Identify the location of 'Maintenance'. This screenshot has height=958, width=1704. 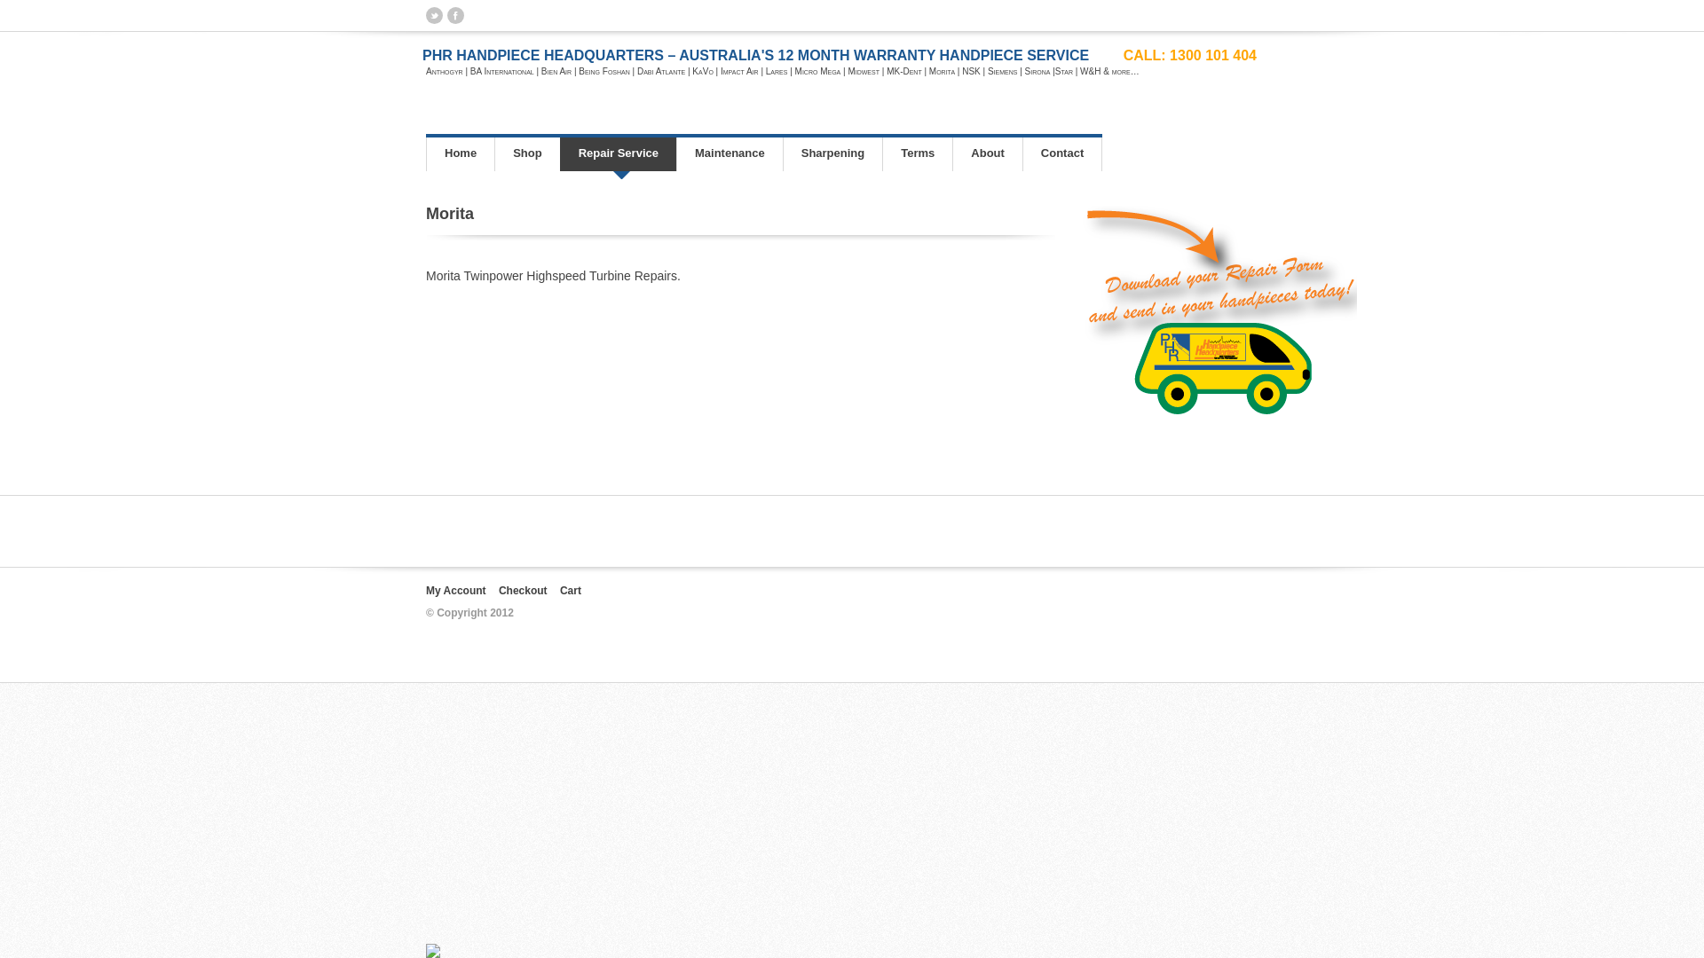
(675, 153).